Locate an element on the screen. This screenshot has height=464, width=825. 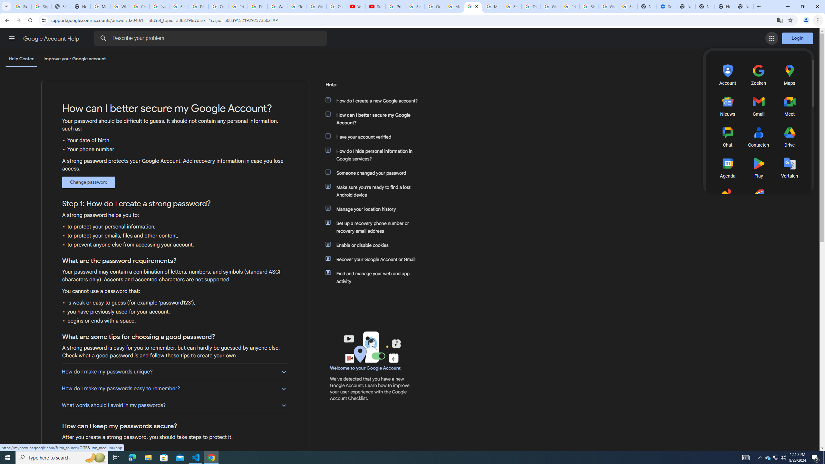
'Search our Doodle Library Collection - Google Doodles' is located at coordinates (511, 6).